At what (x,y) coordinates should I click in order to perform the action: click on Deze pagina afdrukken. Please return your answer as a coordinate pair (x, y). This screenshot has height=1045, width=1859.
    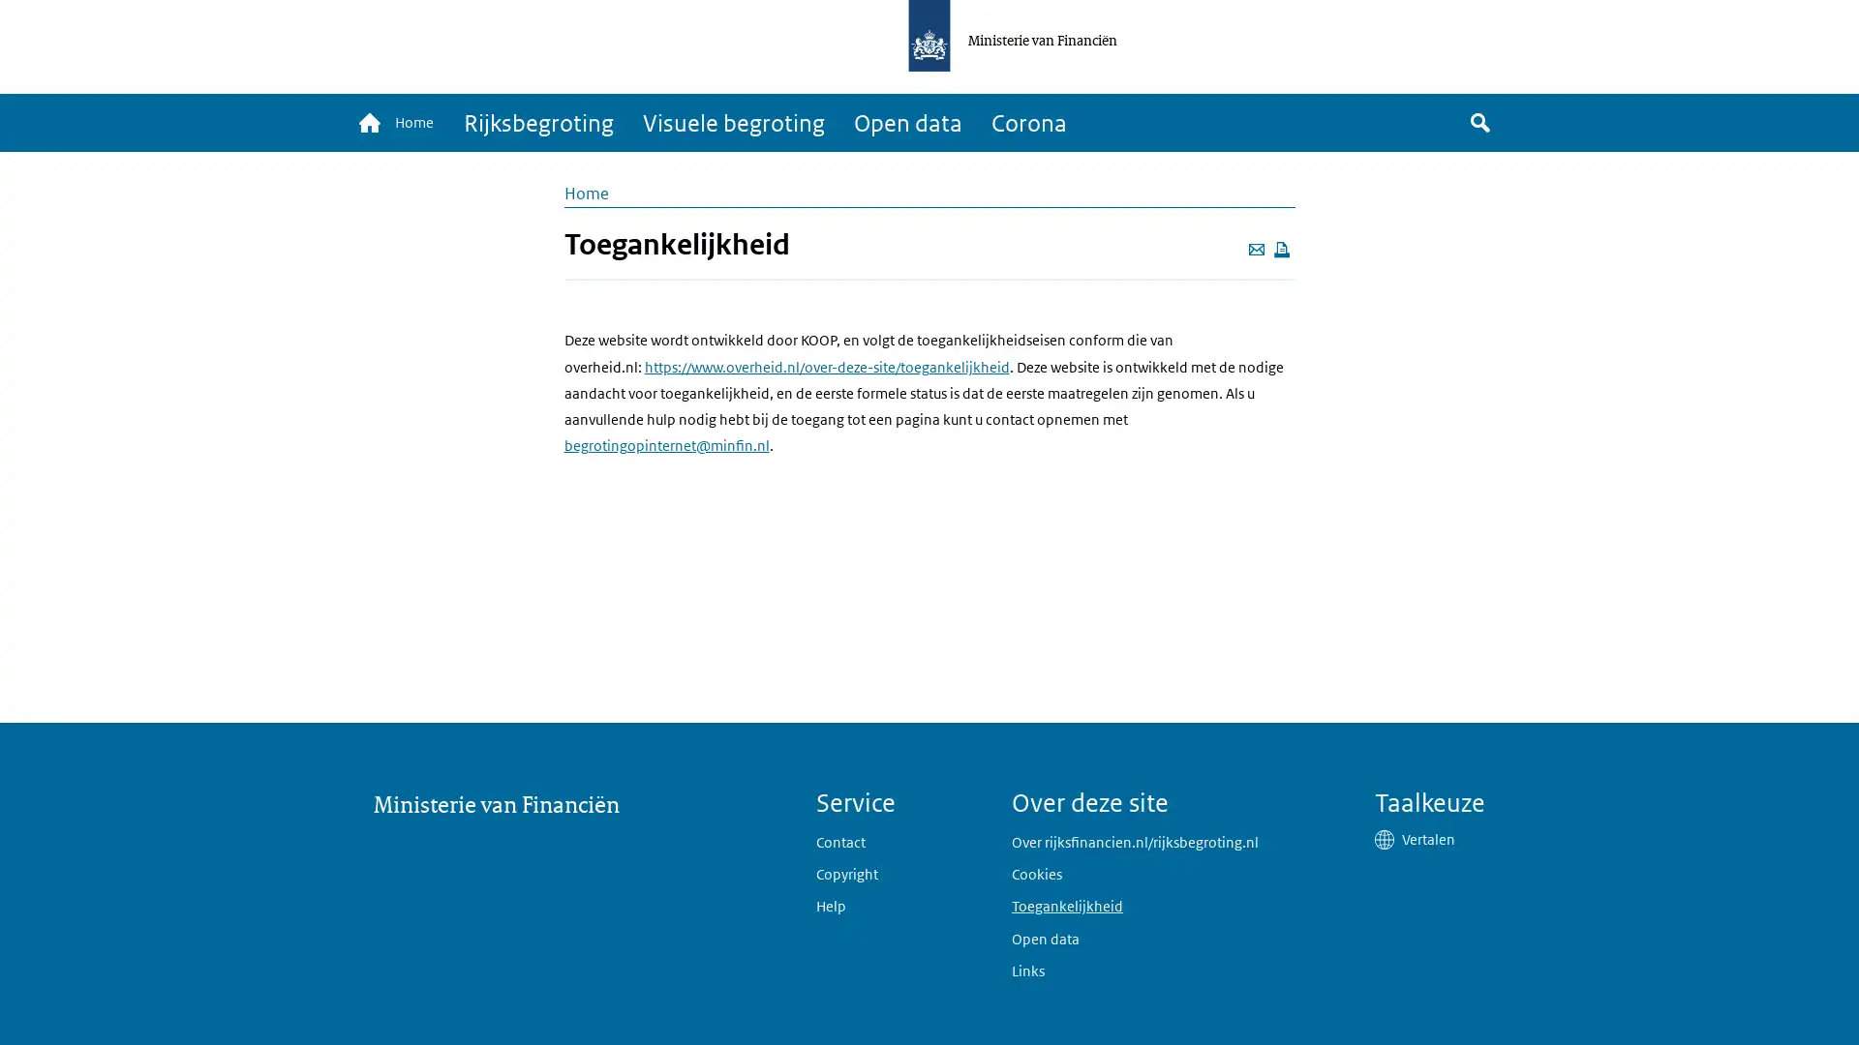
    Looking at the image, I should click on (1281, 250).